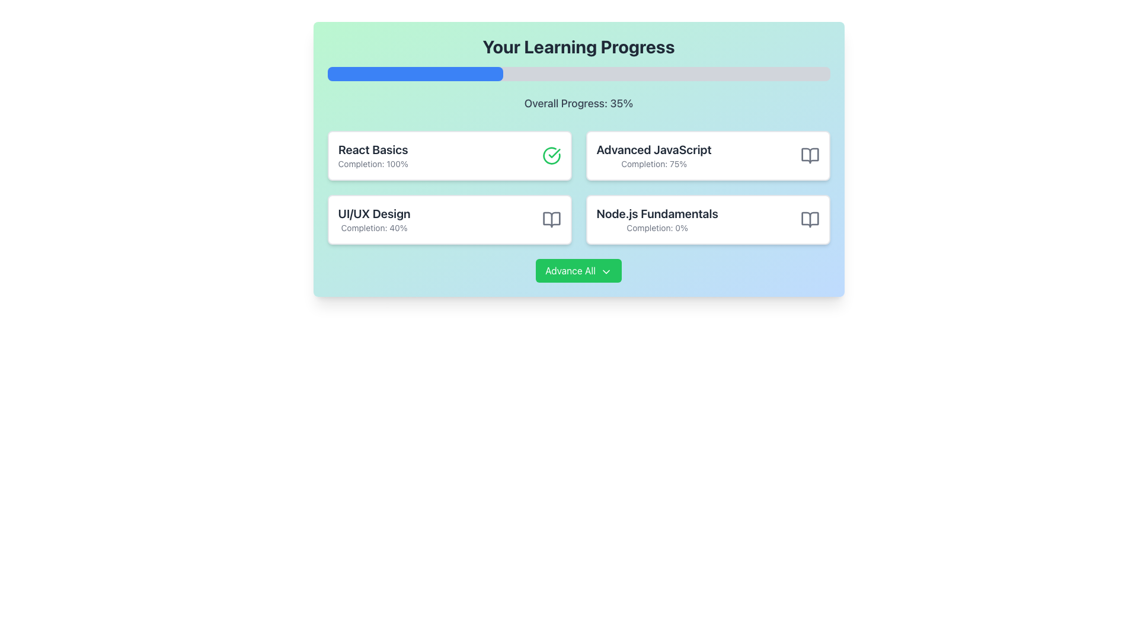 This screenshot has width=1138, height=640. What do you see at coordinates (372, 164) in the screenshot?
I see `Text Label displaying 'Completion: 100%' located under the 'React Basics' heading, providing completion status for the course` at bounding box center [372, 164].